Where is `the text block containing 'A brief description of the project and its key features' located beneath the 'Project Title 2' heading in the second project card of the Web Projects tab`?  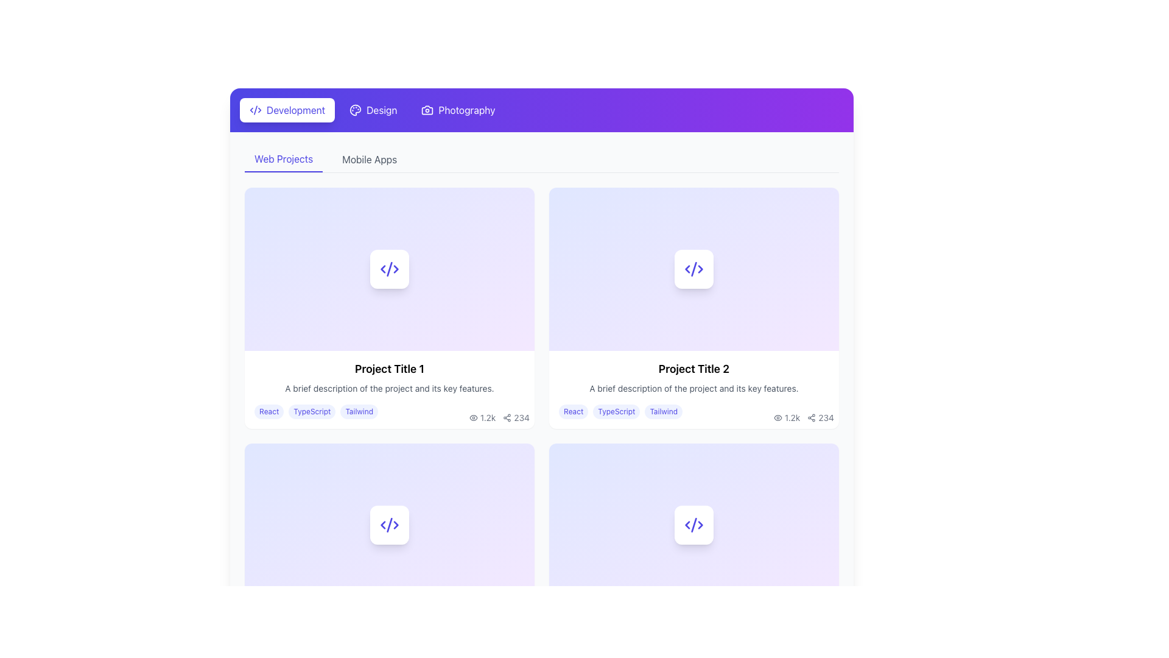
the text block containing 'A brief description of the project and its key features' located beneath the 'Project Title 2' heading in the second project card of the Web Projects tab is located at coordinates (694, 388).